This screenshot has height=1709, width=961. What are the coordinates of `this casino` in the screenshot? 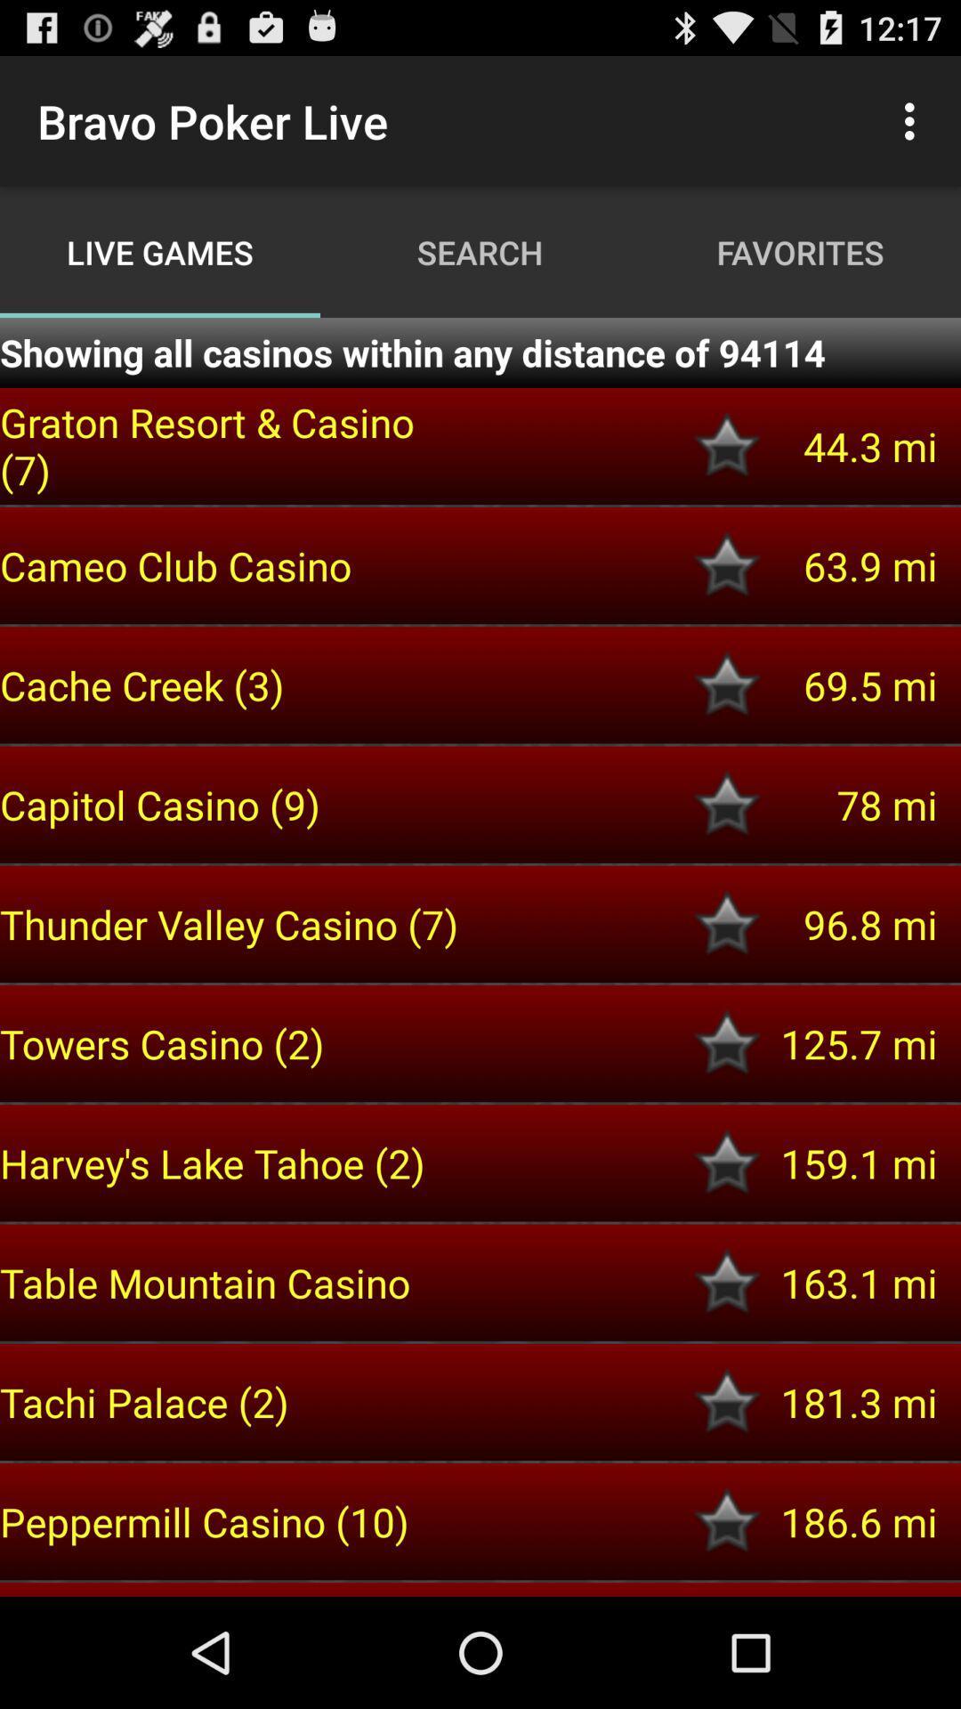 It's located at (727, 1283).